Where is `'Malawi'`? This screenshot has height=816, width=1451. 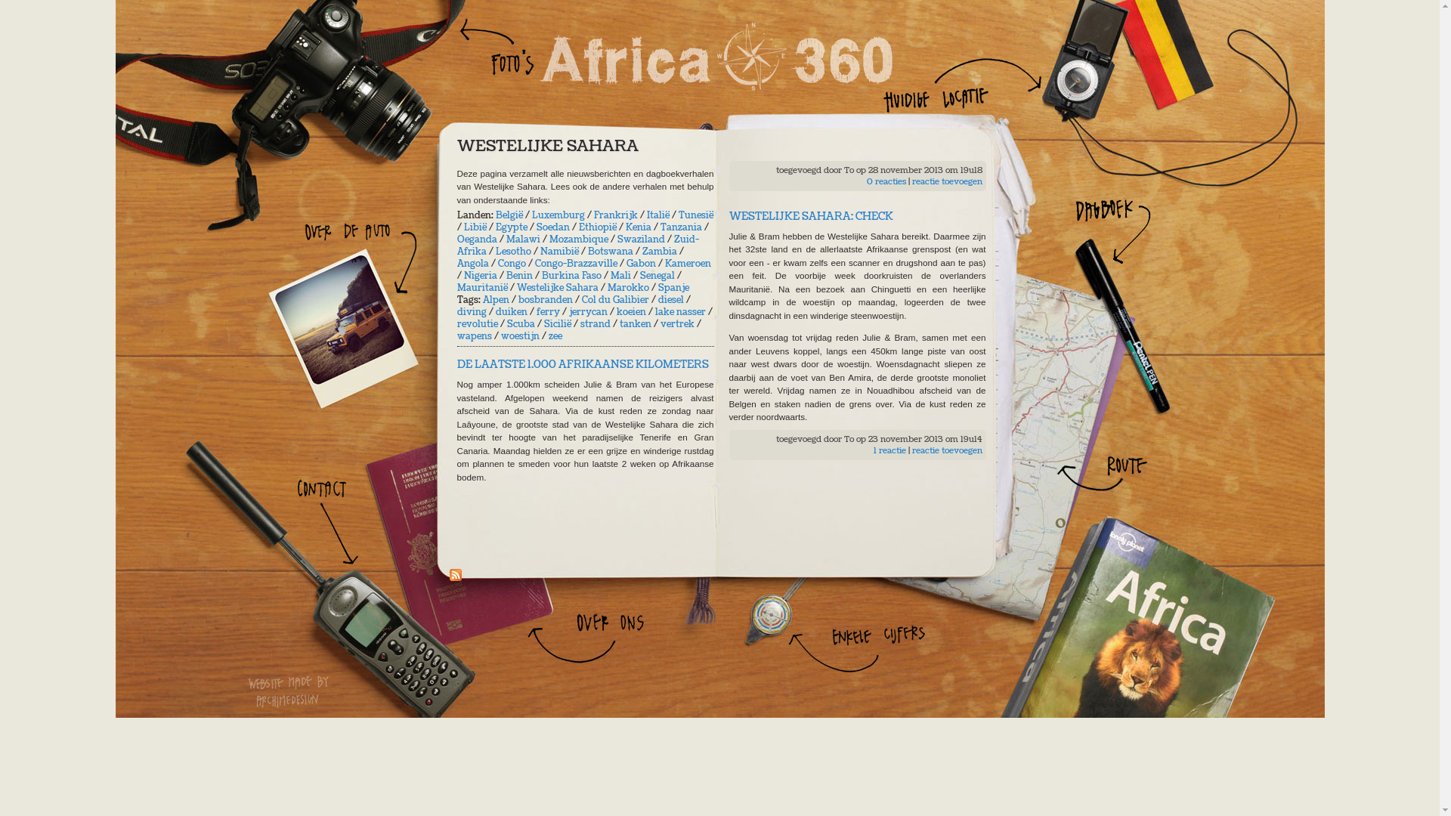
'Malawi' is located at coordinates (523, 238).